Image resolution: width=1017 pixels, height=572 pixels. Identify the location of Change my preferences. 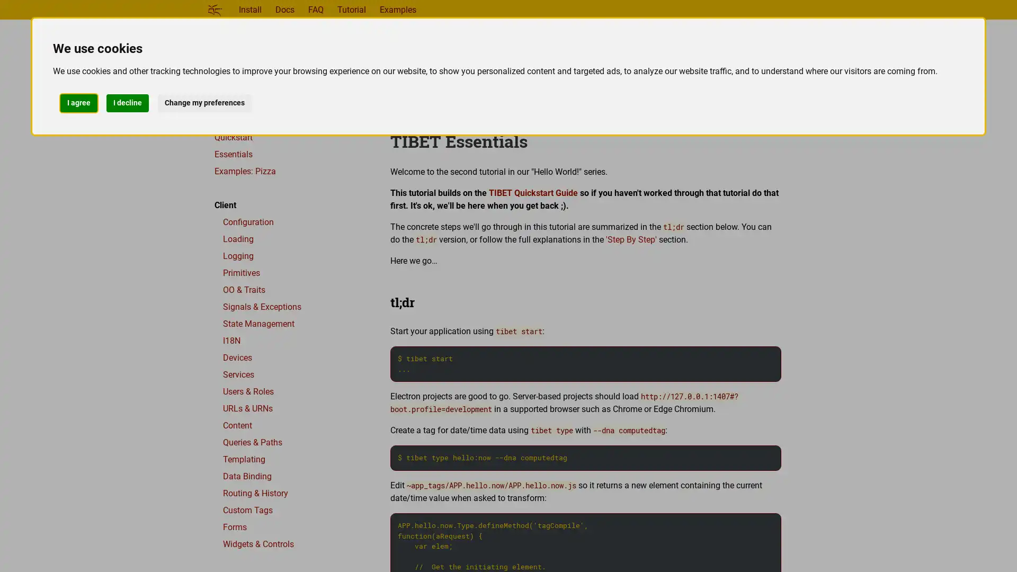
(204, 102).